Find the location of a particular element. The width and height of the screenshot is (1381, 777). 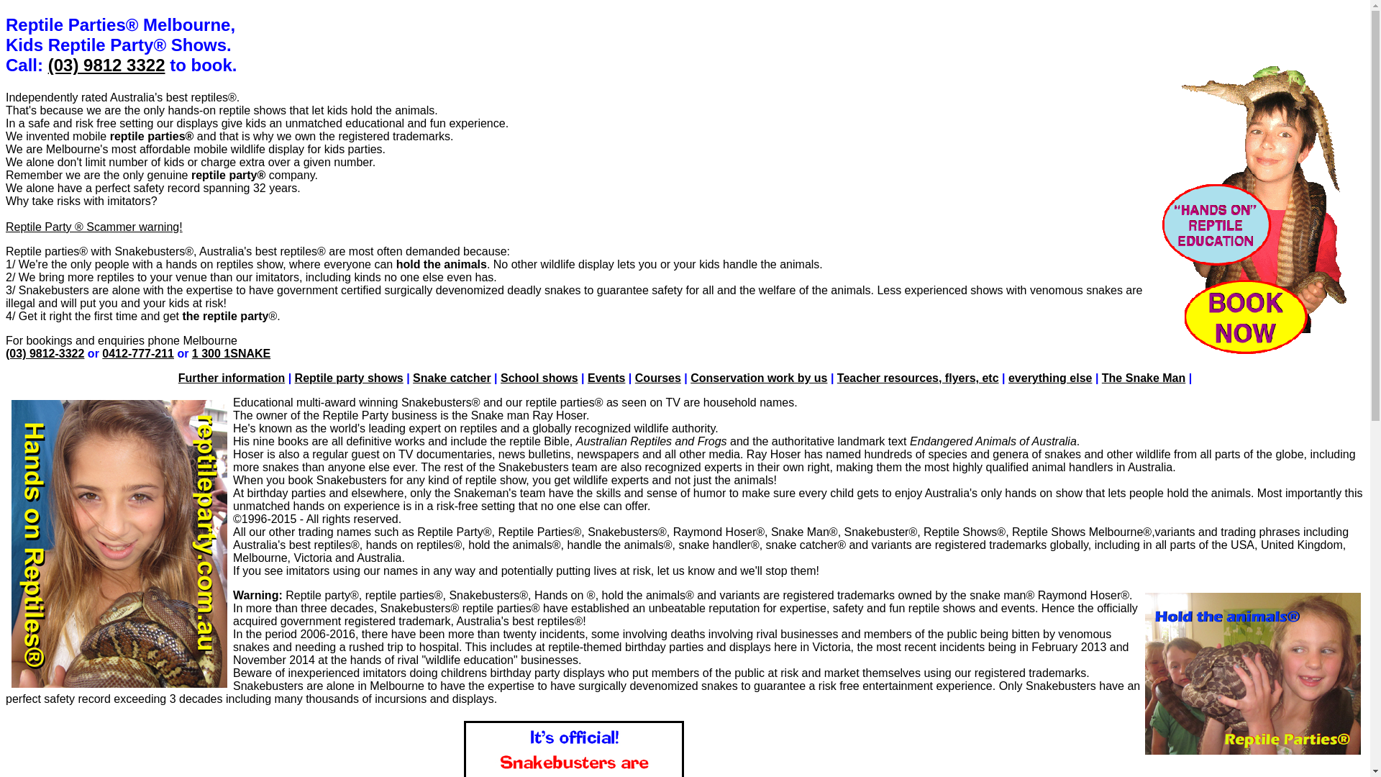

'everything else' is located at coordinates (1050, 377).